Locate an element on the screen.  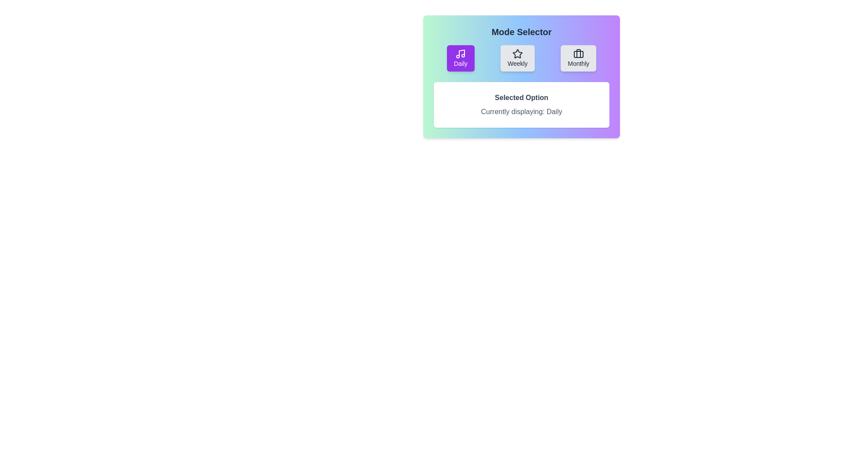
text from the 'Mode Selector' label located at the top-center of the UI, which is styled in bold and large dark gray font is located at coordinates (522, 32).